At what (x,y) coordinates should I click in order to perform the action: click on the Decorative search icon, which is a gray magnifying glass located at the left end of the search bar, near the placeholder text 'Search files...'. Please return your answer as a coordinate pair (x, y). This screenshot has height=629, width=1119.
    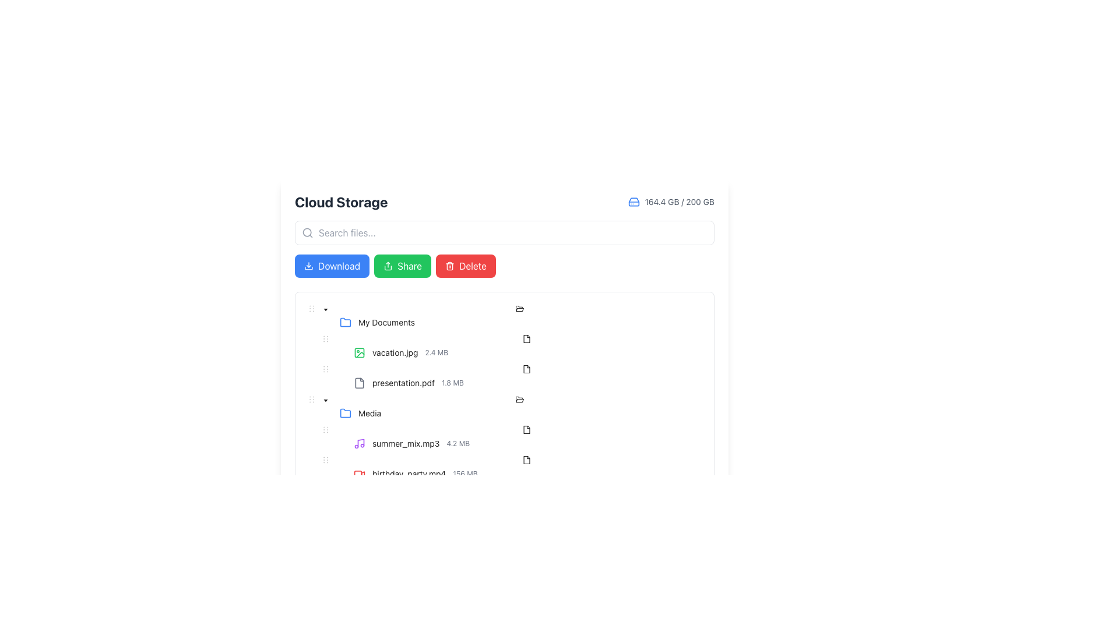
    Looking at the image, I should click on (308, 233).